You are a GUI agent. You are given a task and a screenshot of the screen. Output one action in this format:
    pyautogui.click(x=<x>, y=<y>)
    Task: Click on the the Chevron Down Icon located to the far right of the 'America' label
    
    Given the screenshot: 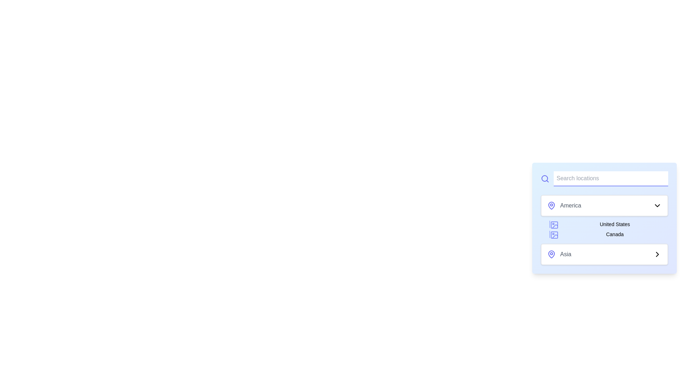 What is the action you would take?
    pyautogui.click(x=657, y=206)
    